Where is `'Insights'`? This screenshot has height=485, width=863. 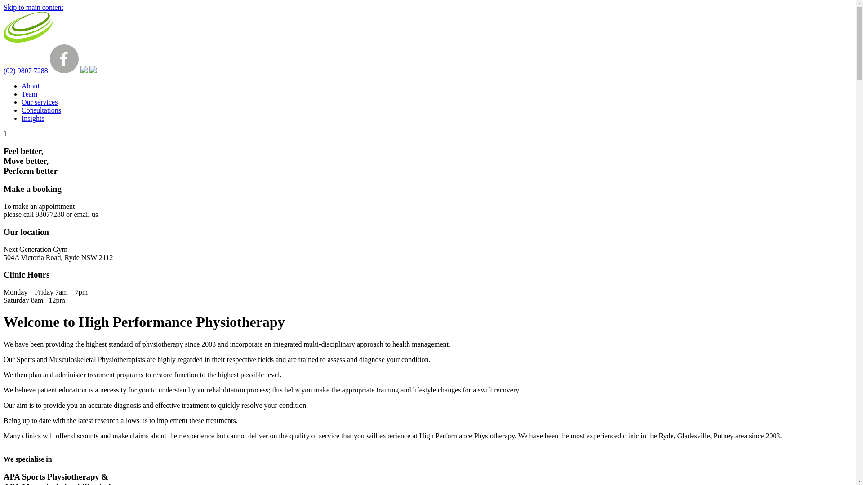
'Insights' is located at coordinates (33, 118).